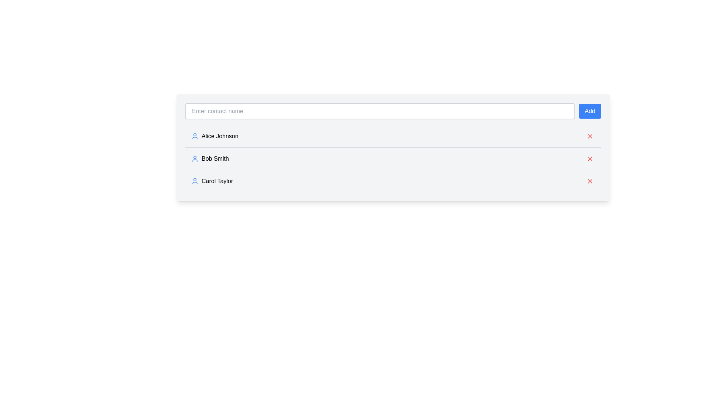 Image resolution: width=709 pixels, height=398 pixels. I want to click on the red diagonal cross icon button located above the third row associated with 'Carol Taylor', so click(590, 158).